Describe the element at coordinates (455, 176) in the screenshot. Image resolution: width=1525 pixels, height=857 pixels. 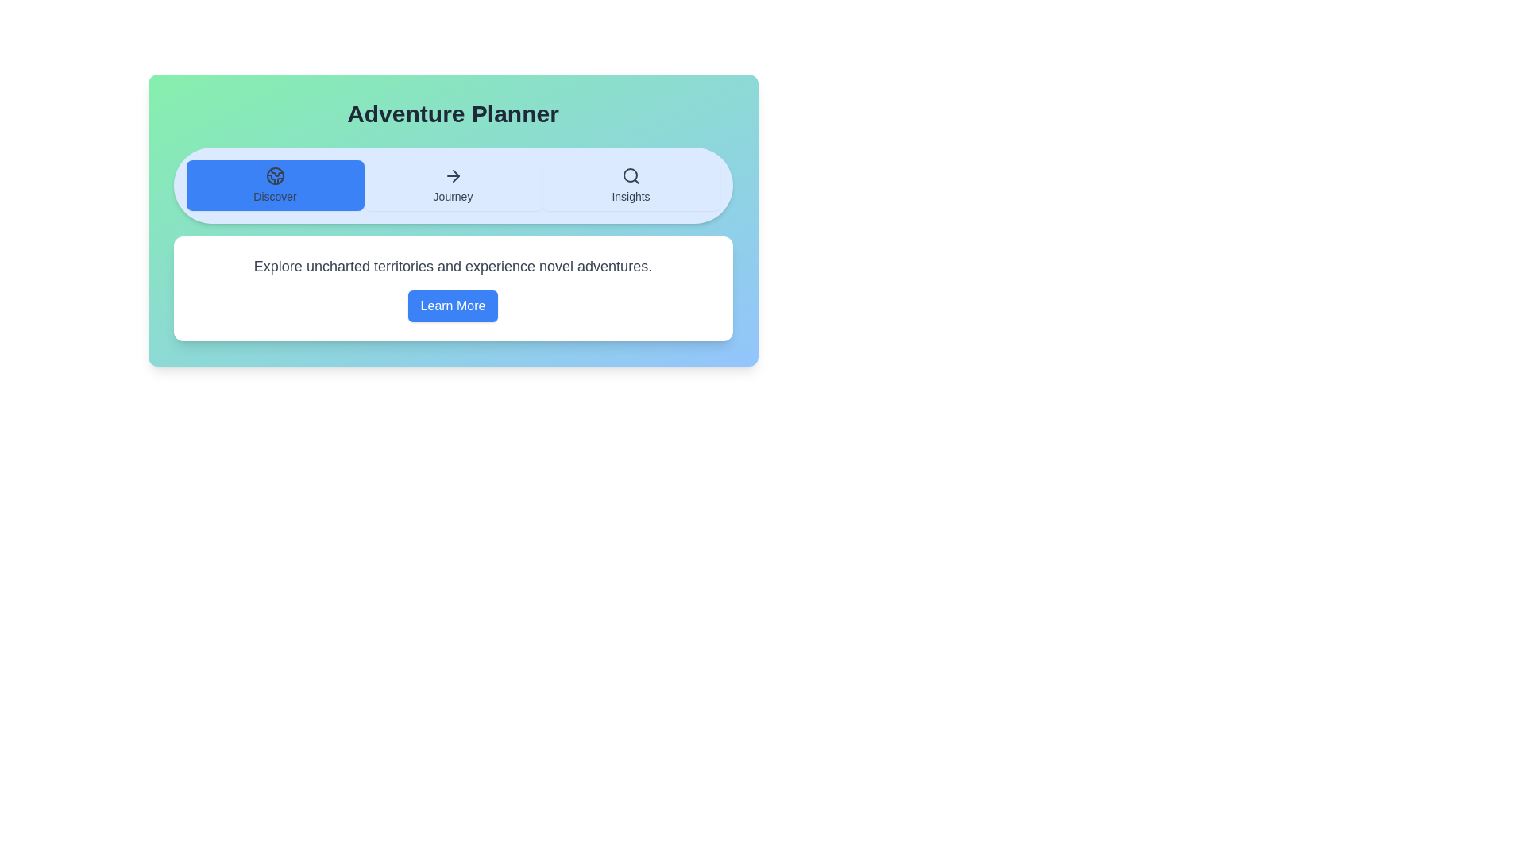
I see `the right arrow icon` at that location.